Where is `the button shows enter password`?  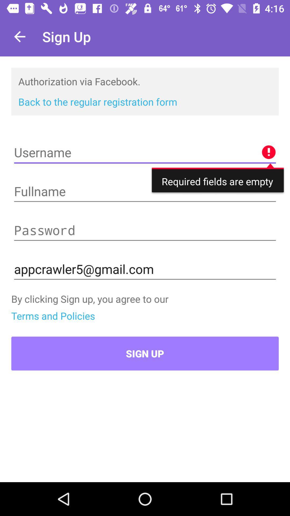
the button shows enter password is located at coordinates (145, 230).